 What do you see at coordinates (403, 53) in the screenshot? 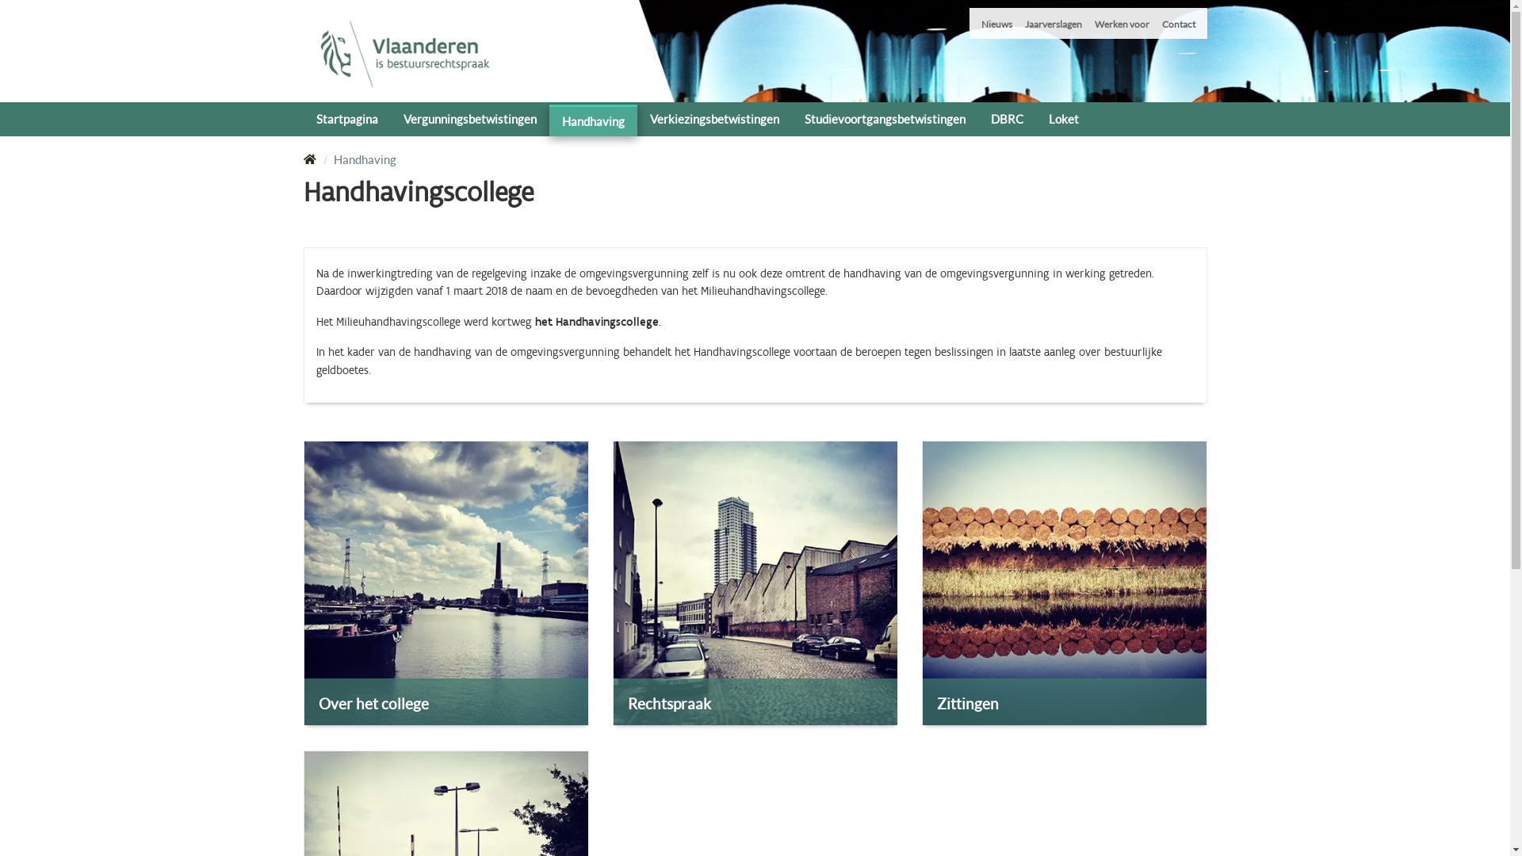
I see `'Ga naar de homepage'` at bounding box center [403, 53].